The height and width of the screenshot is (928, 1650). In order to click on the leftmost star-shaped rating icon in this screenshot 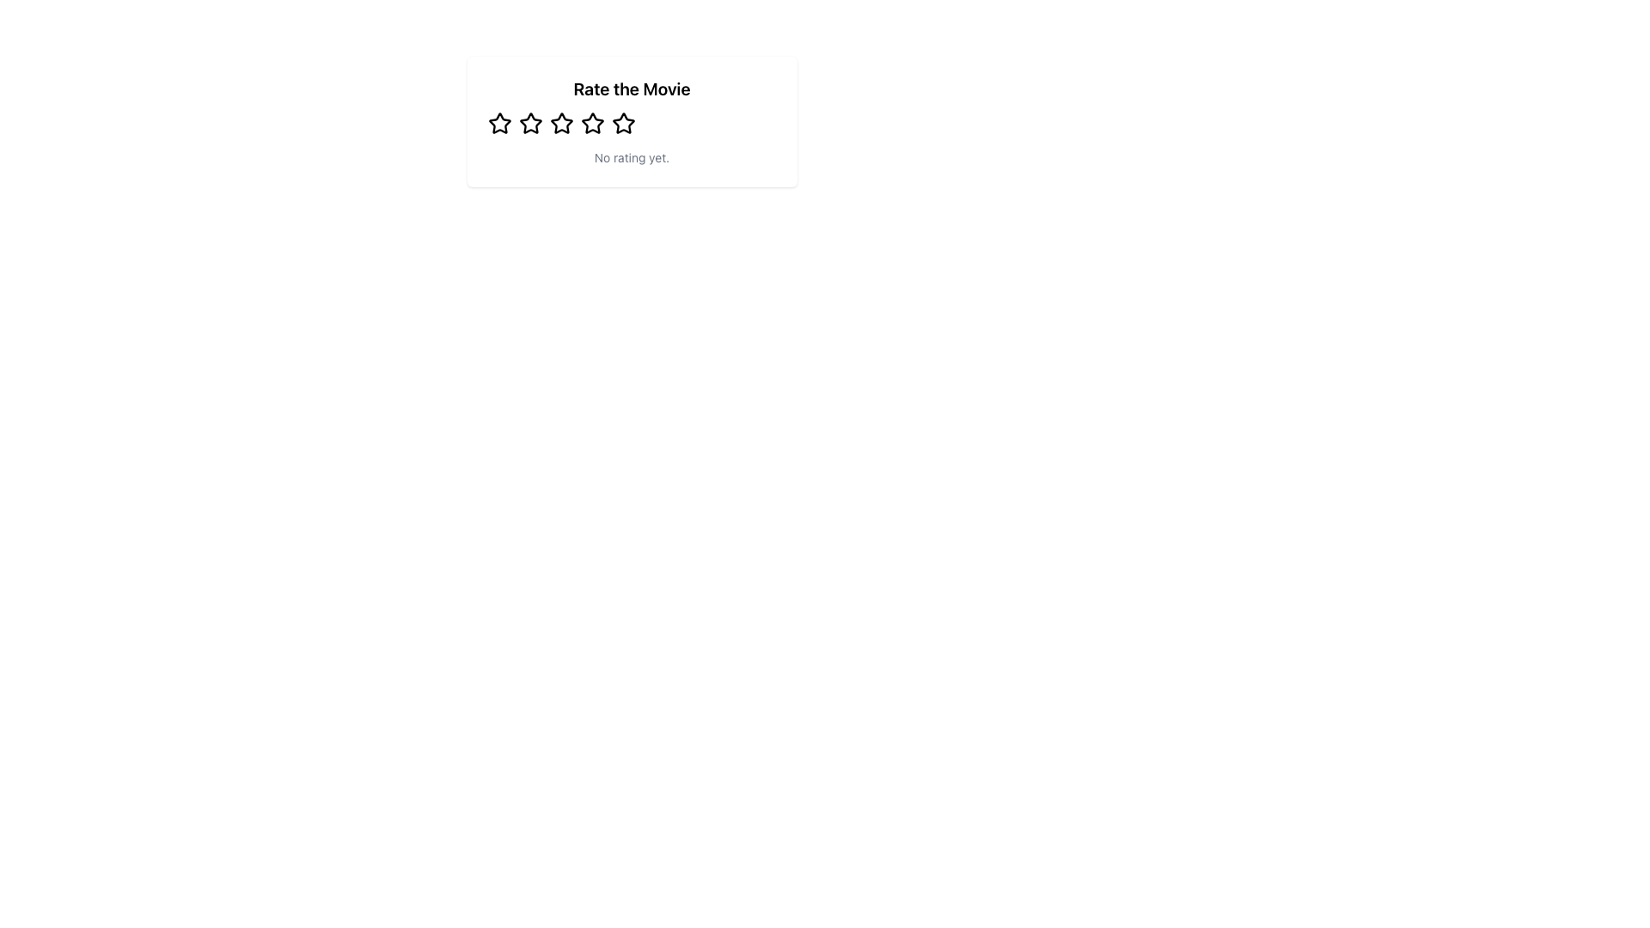, I will do `click(498, 122)`.